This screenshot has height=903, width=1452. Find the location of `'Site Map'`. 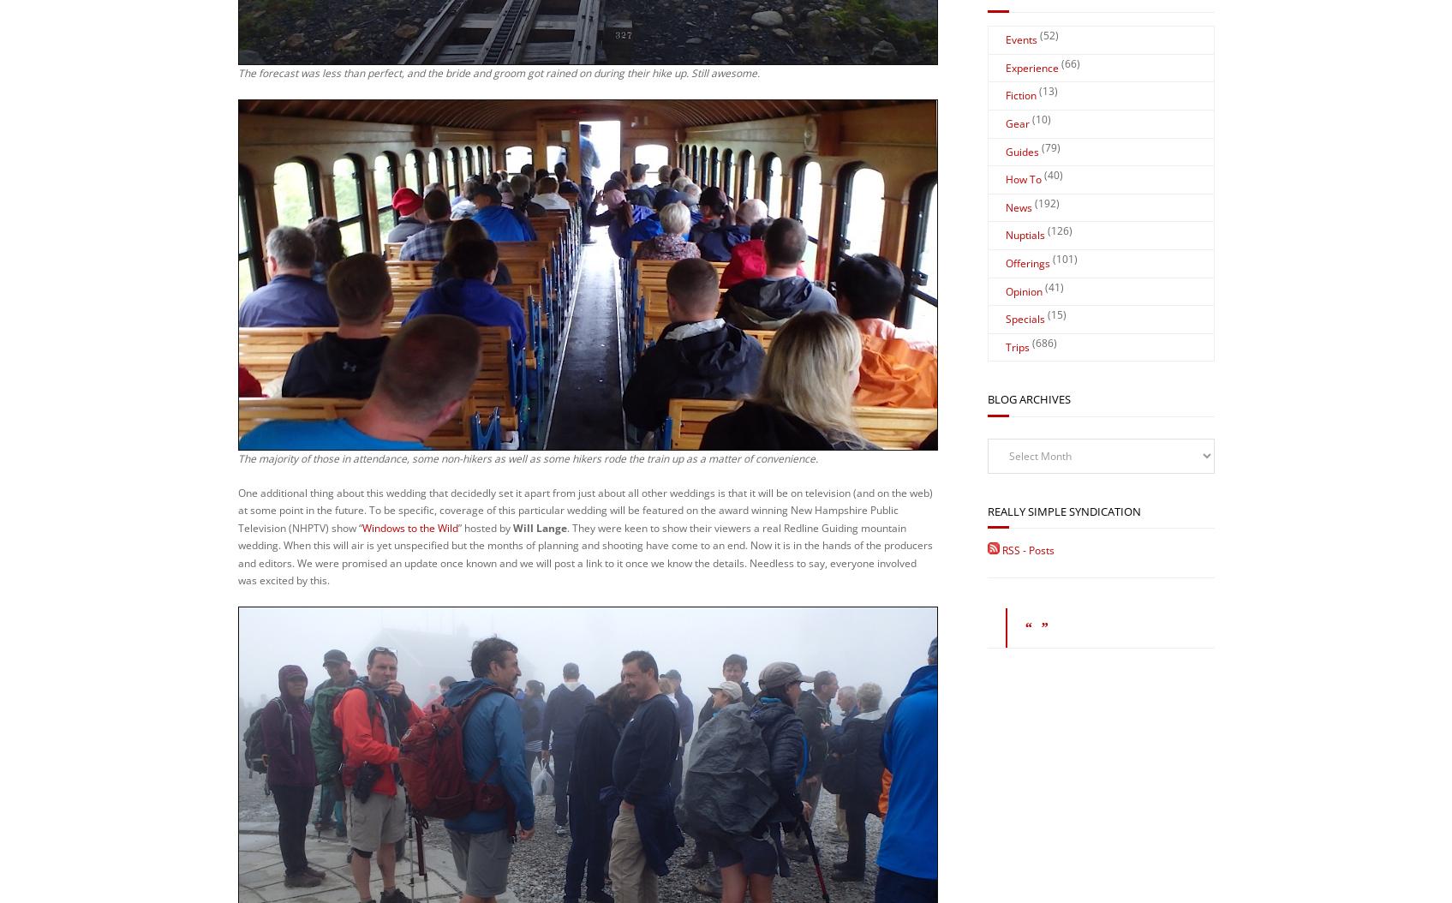

'Site Map' is located at coordinates (692, 811).